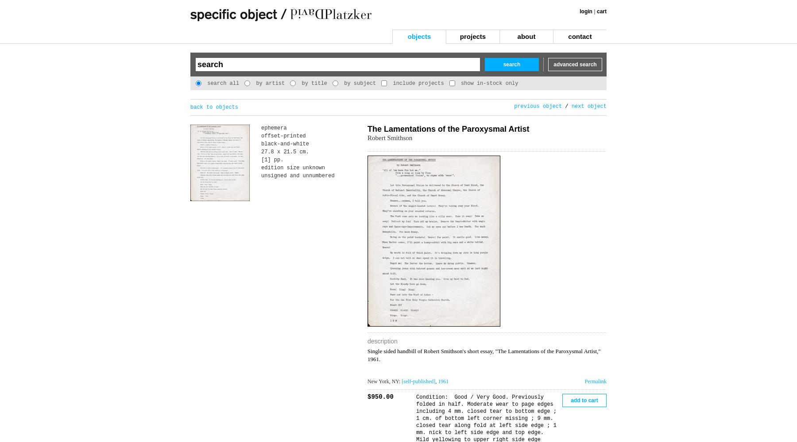  Describe the element at coordinates (580, 36) in the screenshot. I see `'contact'` at that location.